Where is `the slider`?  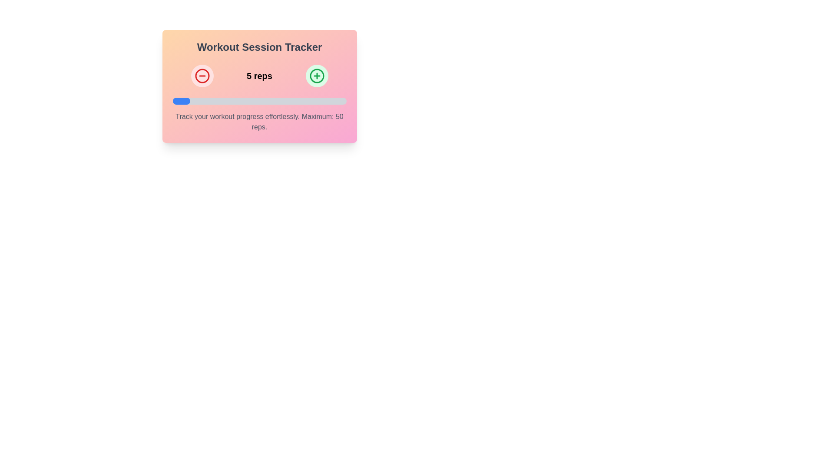 the slider is located at coordinates (183, 100).